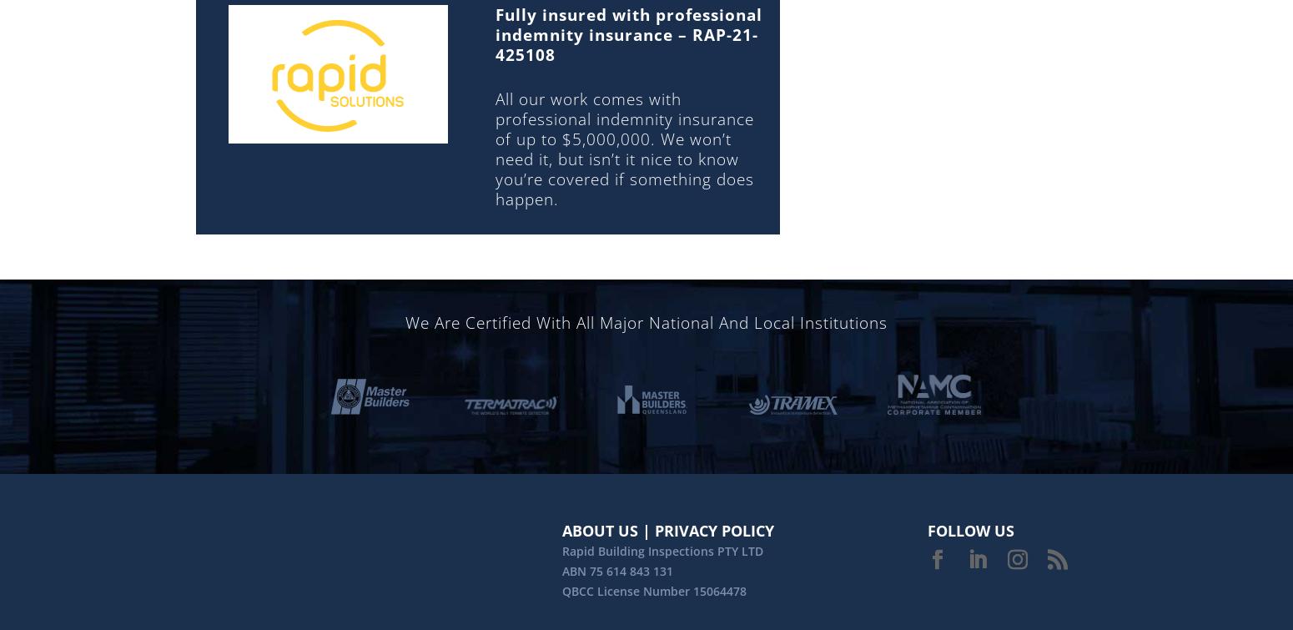 The image size is (1293, 630). Describe the element at coordinates (646, 530) in the screenshot. I see `'|'` at that location.